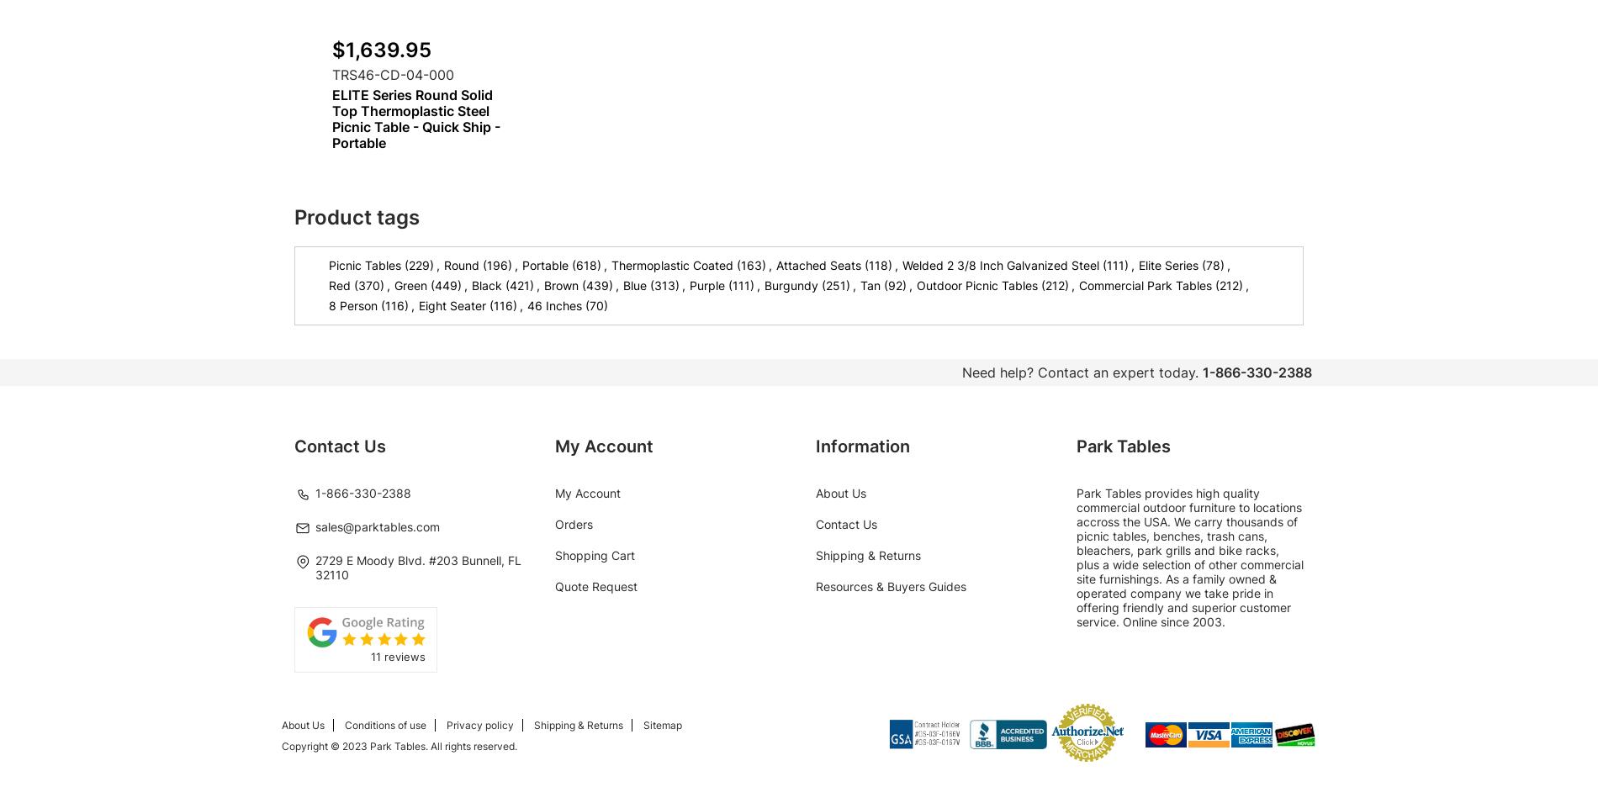  I want to click on '(251)', so click(836, 284).